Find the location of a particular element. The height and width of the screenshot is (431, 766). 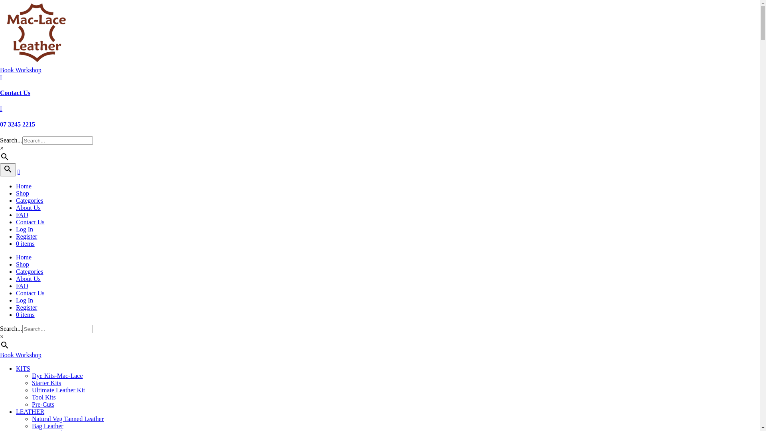

'KITS' is located at coordinates (23, 368).